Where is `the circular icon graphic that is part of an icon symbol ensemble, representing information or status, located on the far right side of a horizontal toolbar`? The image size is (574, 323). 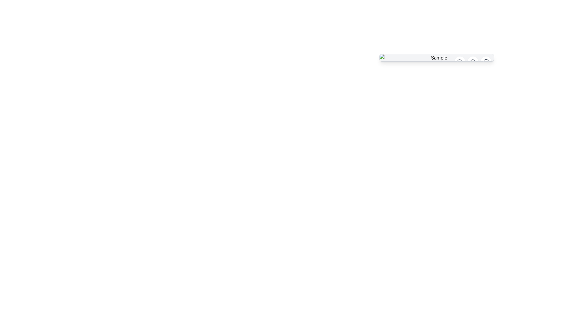 the circular icon graphic that is part of an icon symbol ensemble, representing information or status, located on the far right side of a horizontal toolbar is located at coordinates (486, 62).